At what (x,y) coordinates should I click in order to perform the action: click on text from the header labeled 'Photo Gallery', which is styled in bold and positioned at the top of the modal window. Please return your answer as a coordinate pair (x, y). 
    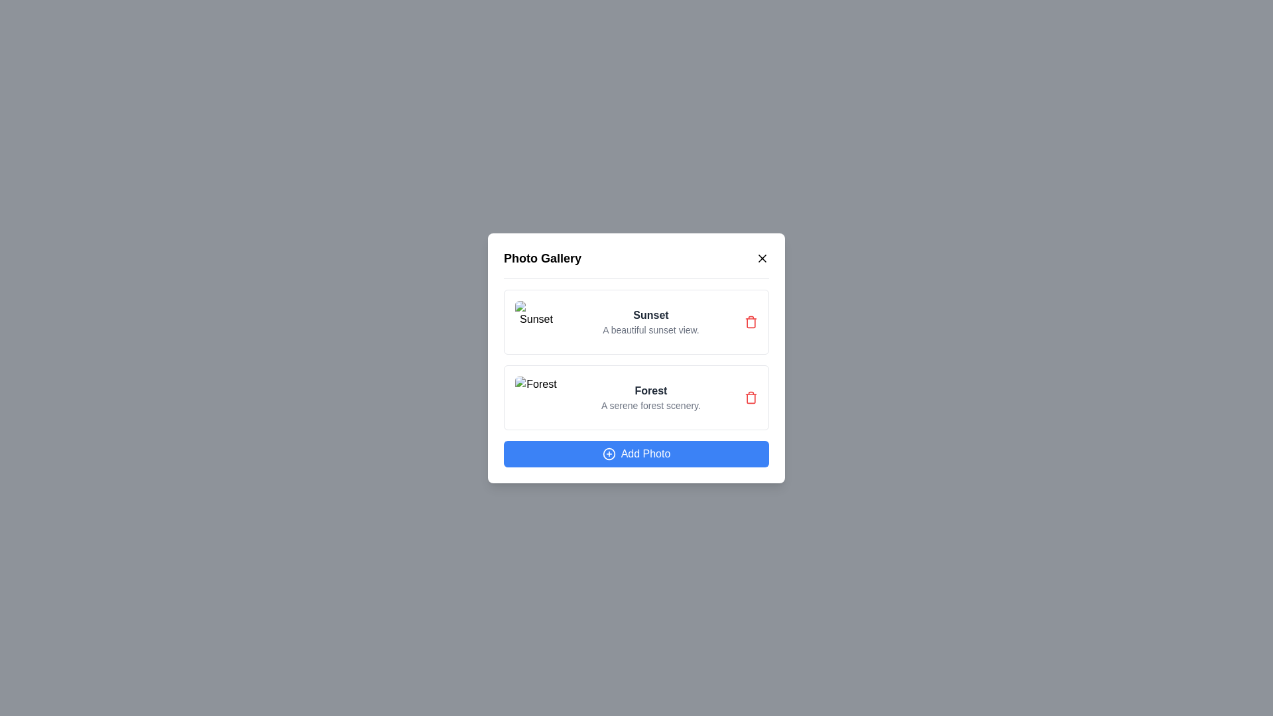
    Looking at the image, I should click on (542, 258).